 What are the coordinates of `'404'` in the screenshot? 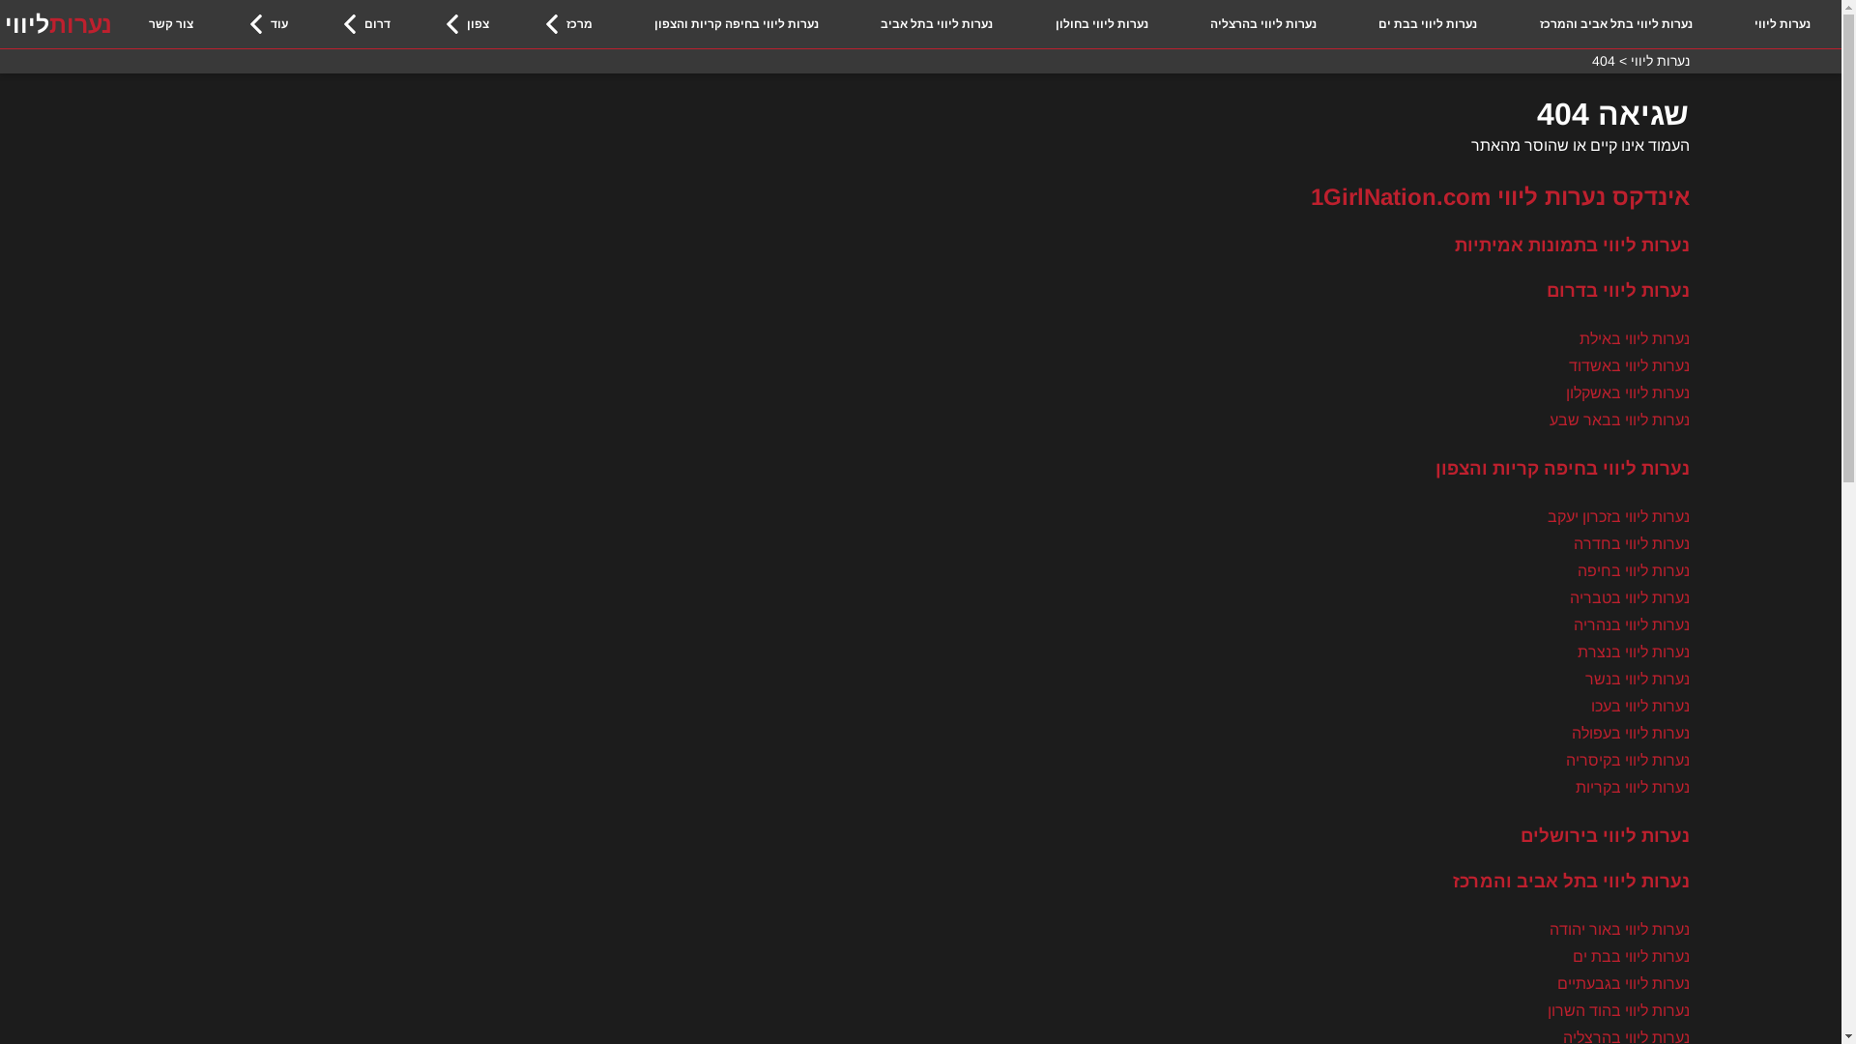 It's located at (1602, 59).